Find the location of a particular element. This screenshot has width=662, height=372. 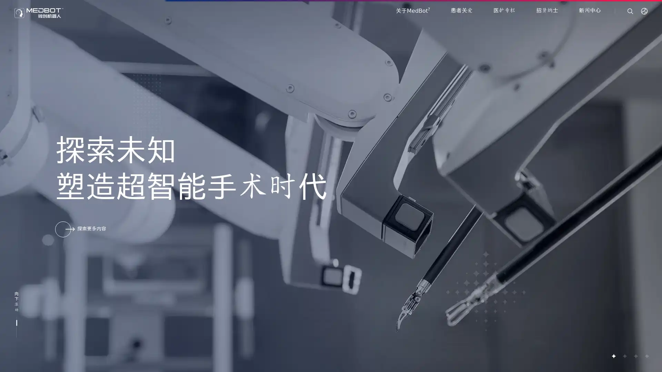

Go to slide 2 is located at coordinates (624, 356).